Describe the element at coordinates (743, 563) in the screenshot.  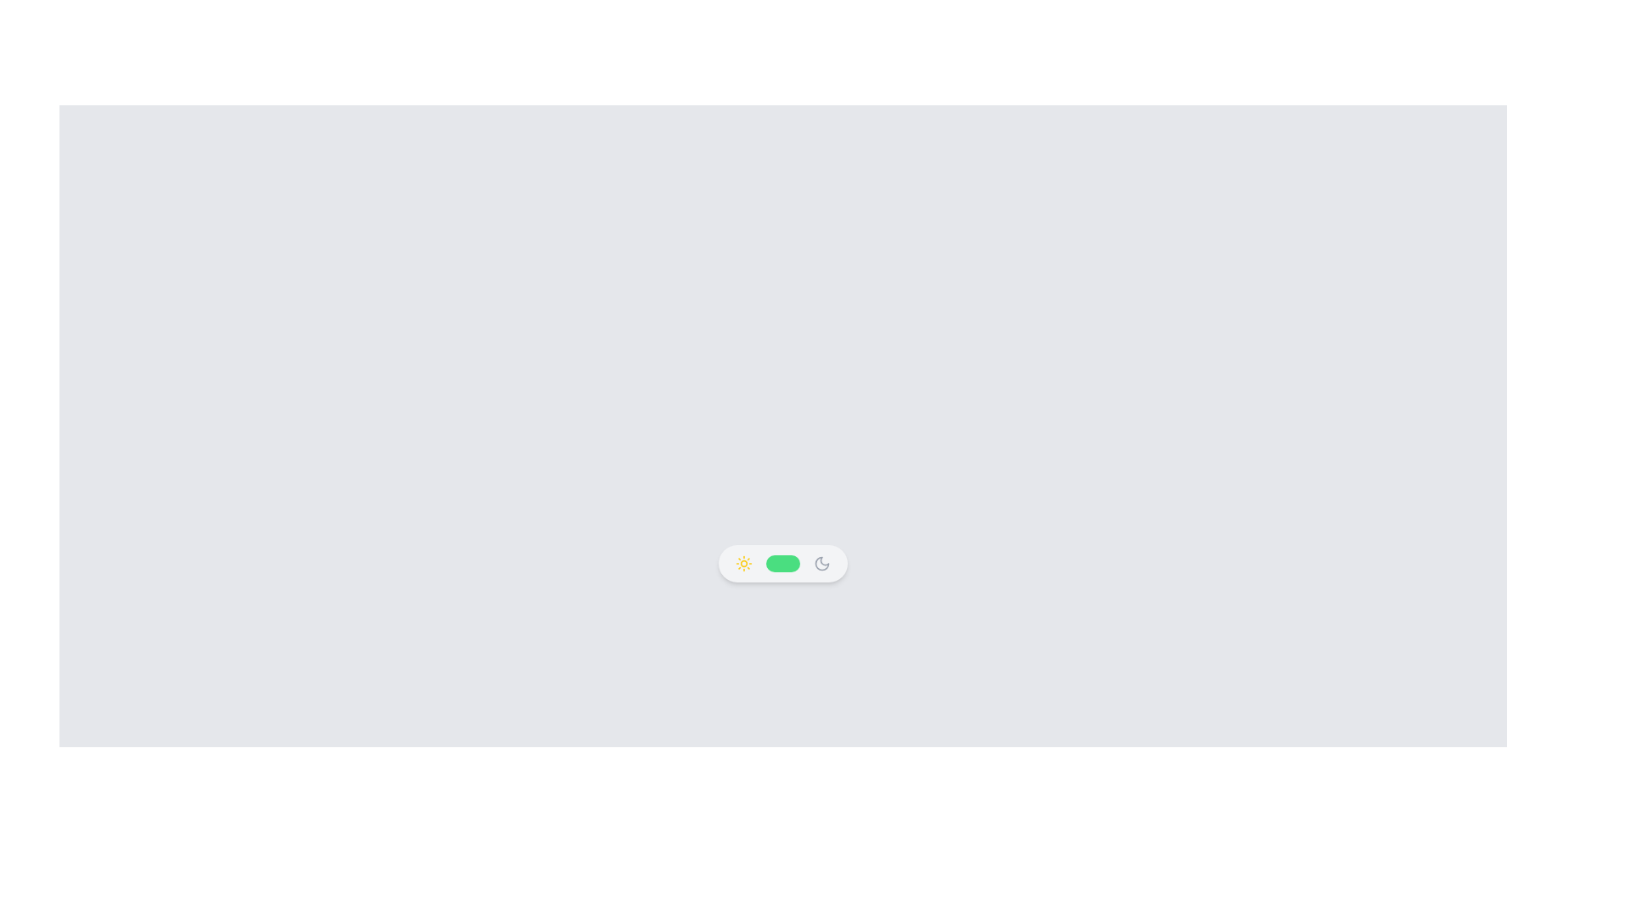
I see `the sun icon, which is a bright yellow circular icon with rays, located on the leftmost side of a horizontal bar` at that location.